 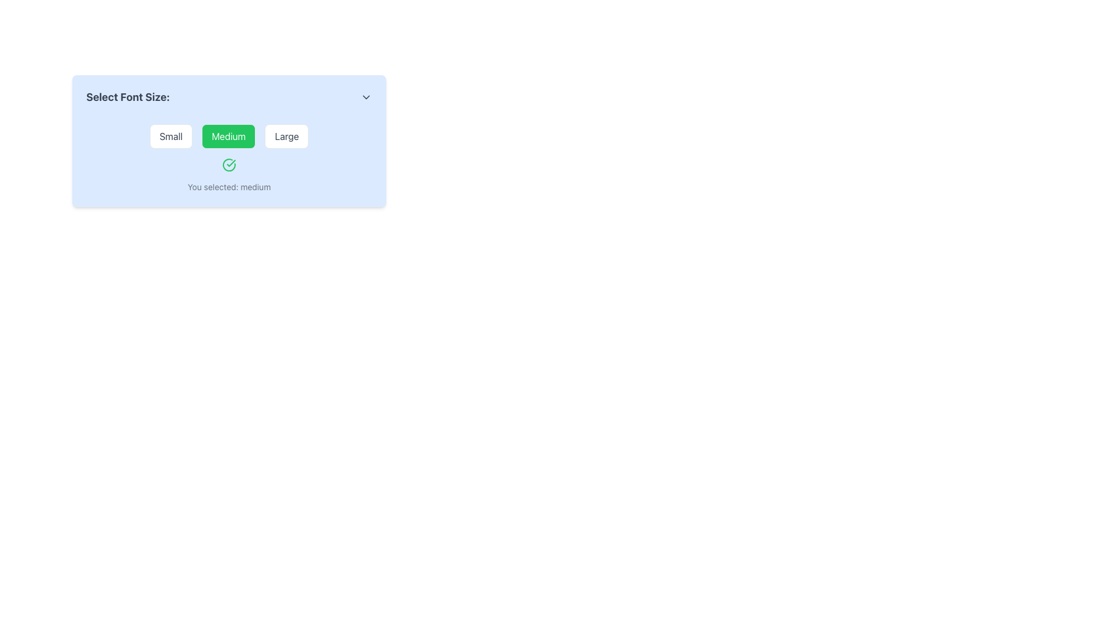 What do you see at coordinates (229, 186) in the screenshot?
I see `the Static Text Display element that shows 'You selected: medium', which is located below the buttons for 'Small', 'Medium', and 'Large', and above the green checkmark symbol` at bounding box center [229, 186].